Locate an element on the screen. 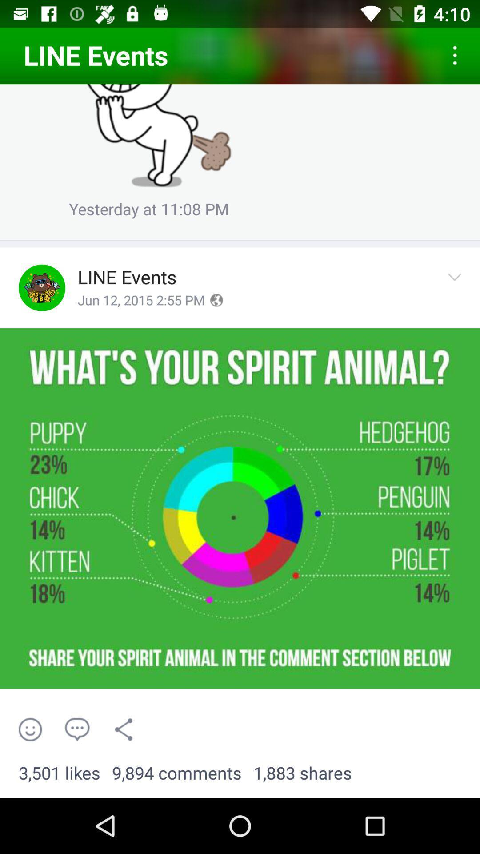  the app next to the 9,894 comments item is located at coordinates (302, 773).